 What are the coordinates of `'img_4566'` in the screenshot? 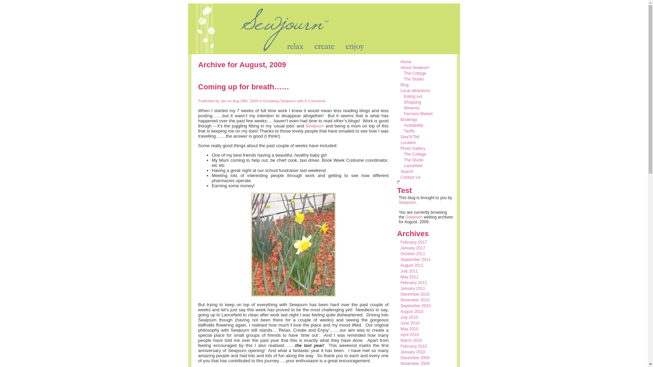 It's located at (293, 245).